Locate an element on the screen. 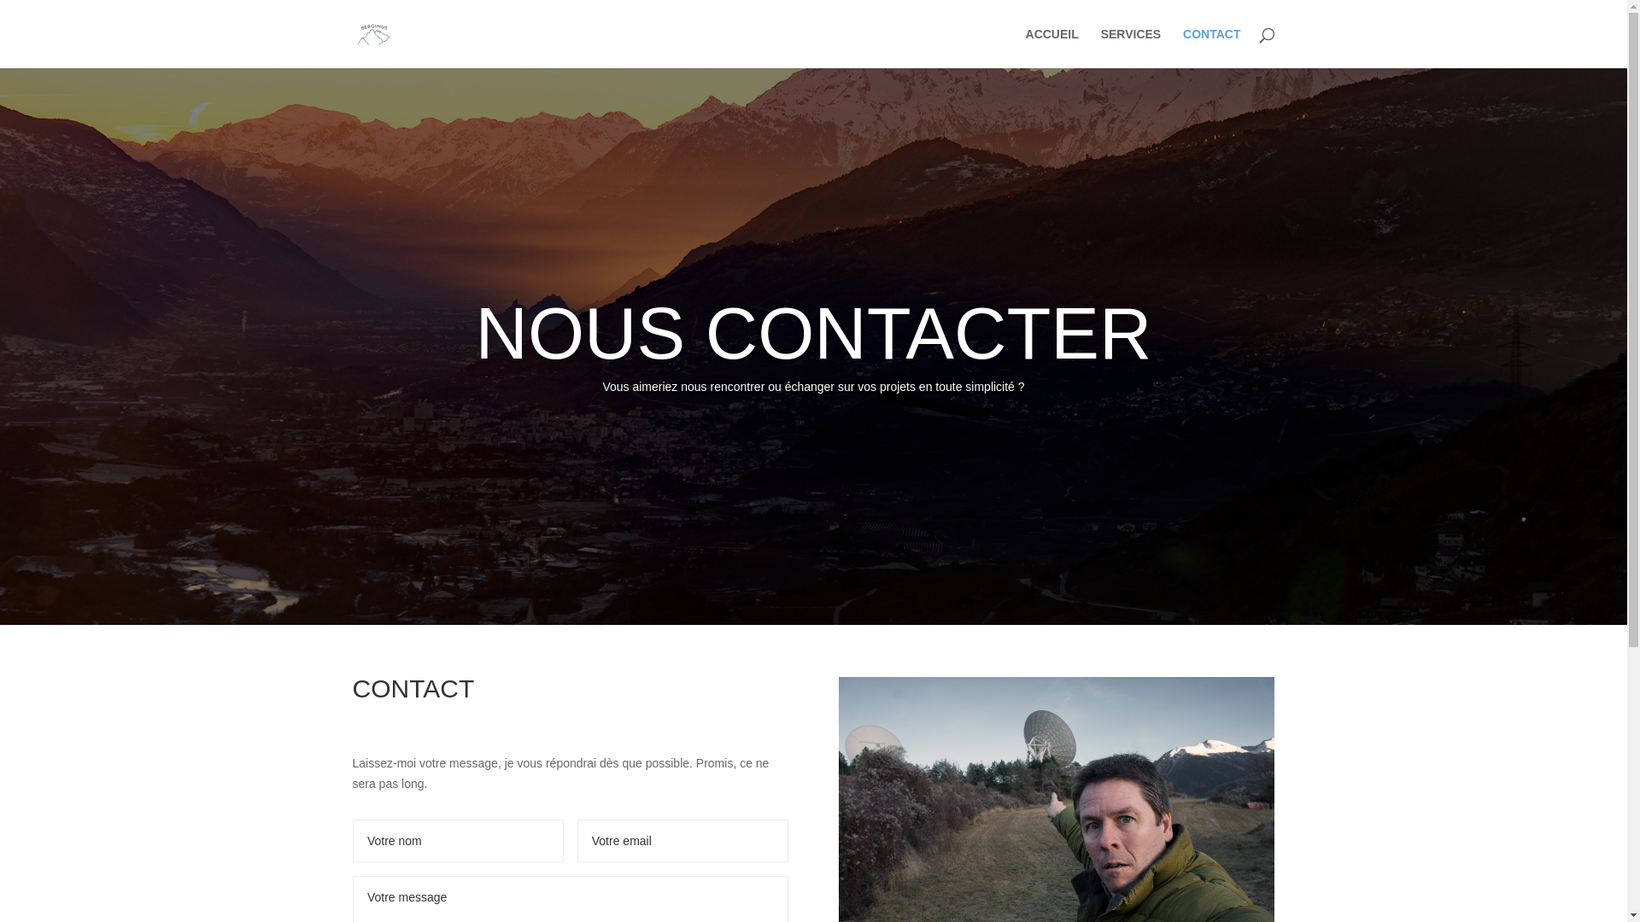  'CONTACT' is located at coordinates (1210, 47).